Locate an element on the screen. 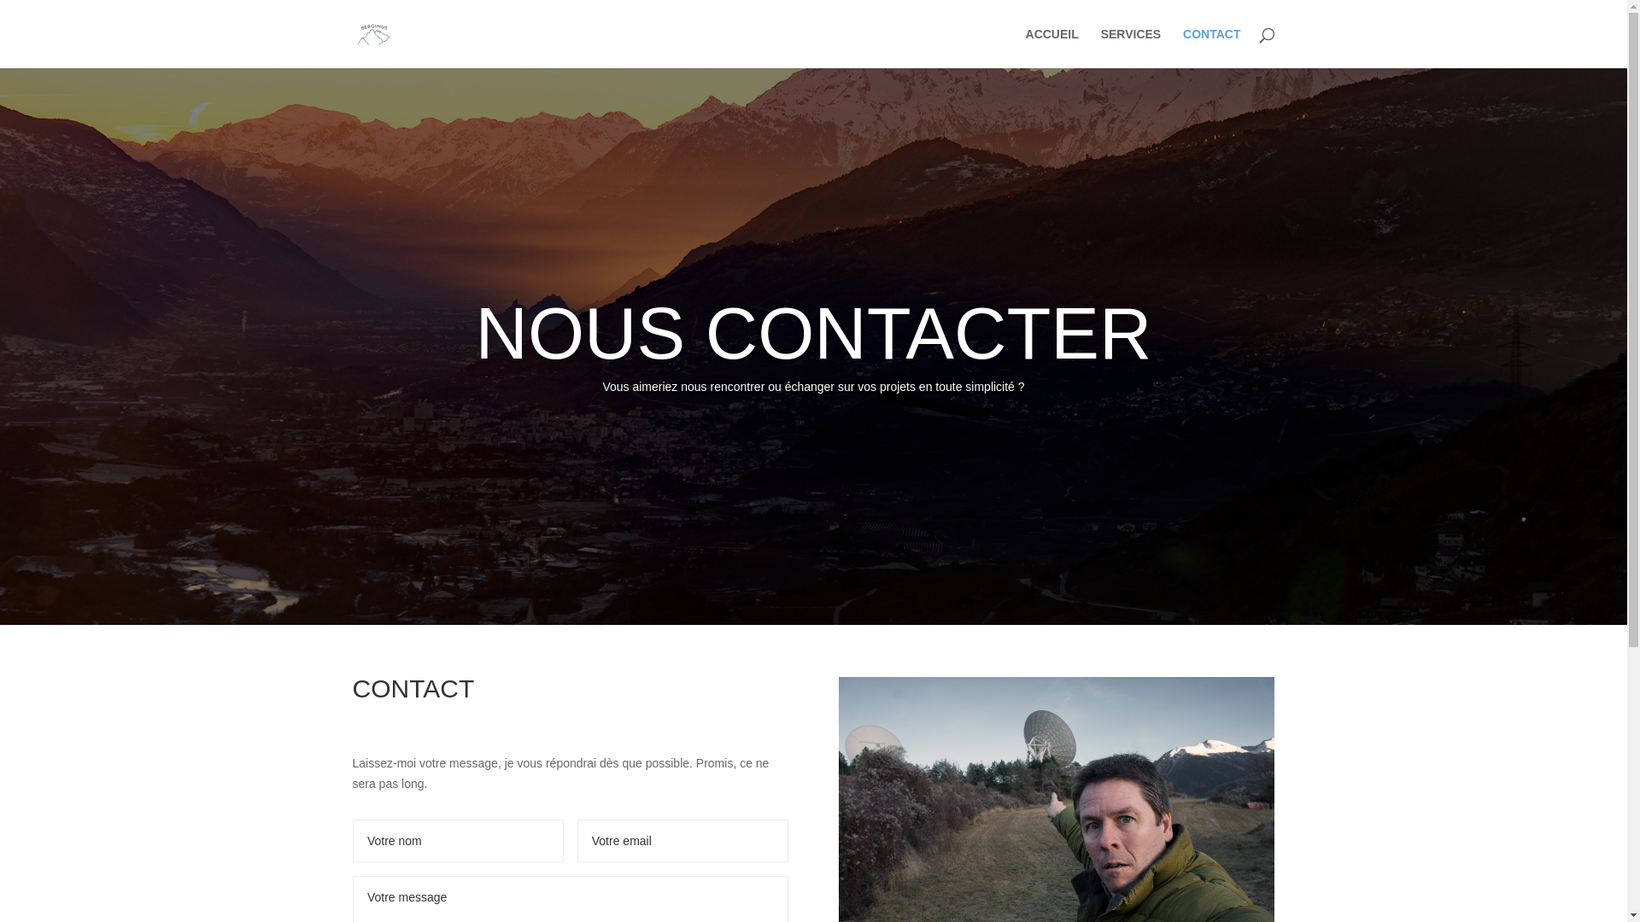  'CONTACT' is located at coordinates (1210, 47).